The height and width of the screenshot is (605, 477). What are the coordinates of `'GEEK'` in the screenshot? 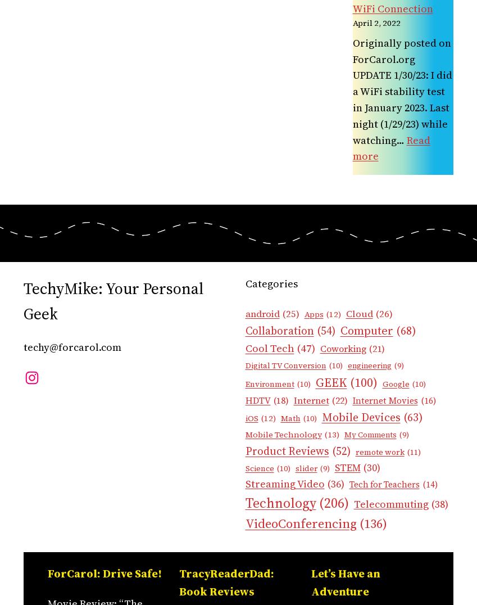 It's located at (330, 382).